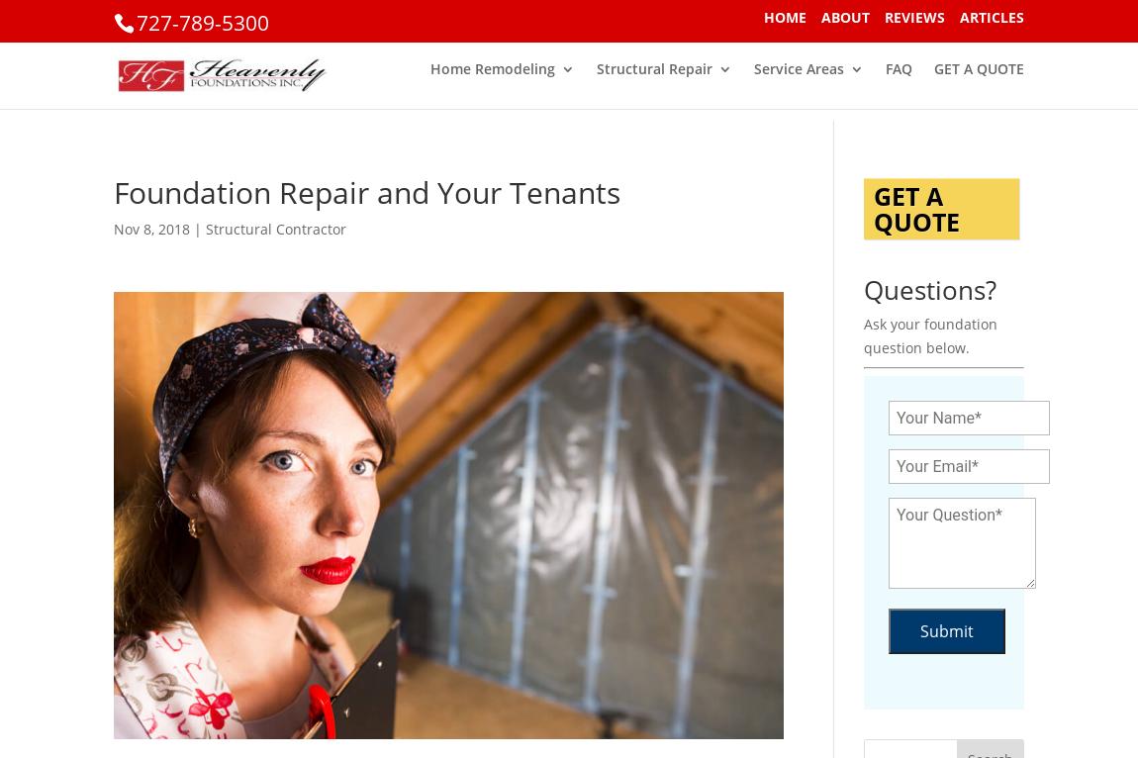 Image resolution: width=1138 pixels, height=758 pixels. What do you see at coordinates (914, 15) in the screenshot?
I see `'REVIEWS'` at bounding box center [914, 15].